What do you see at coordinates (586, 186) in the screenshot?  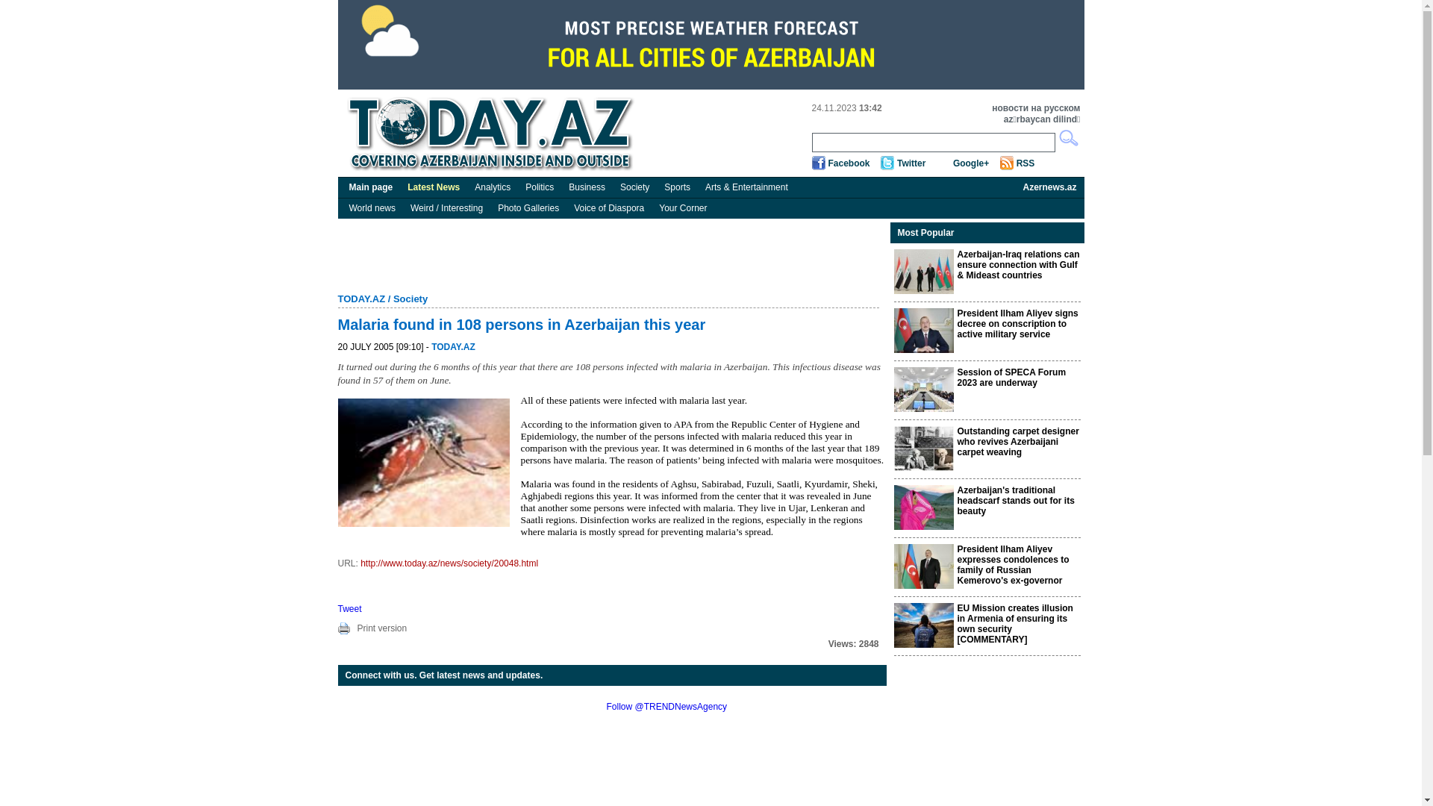 I see `'Business'` at bounding box center [586, 186].